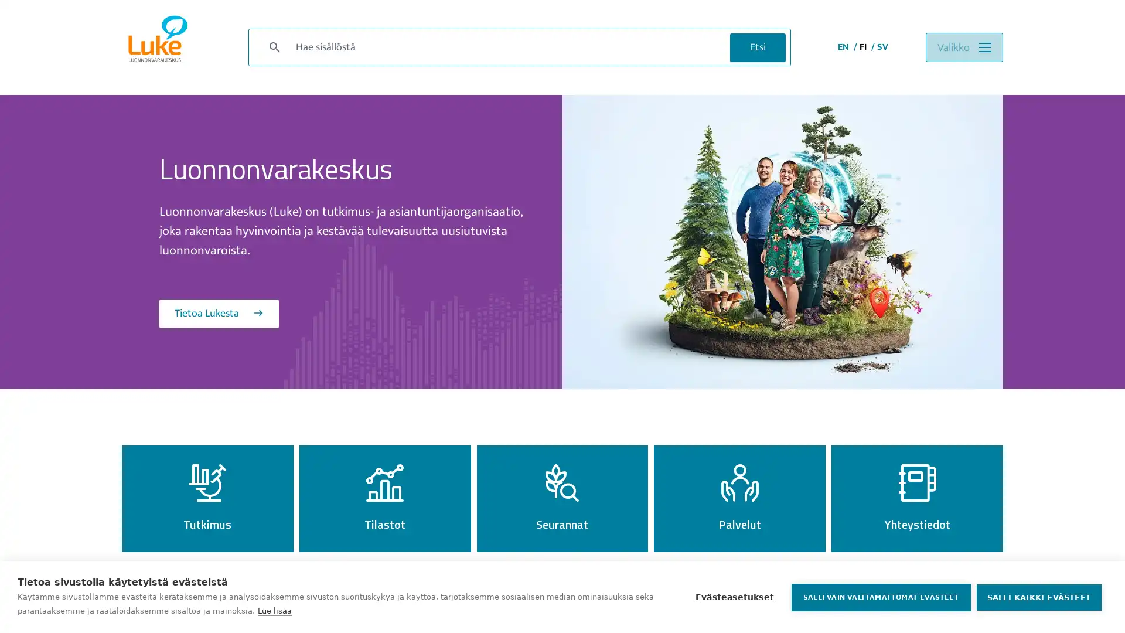  Describe the element at coordinates (945, 47) in the screenshot. I see `Valikko` at that location.